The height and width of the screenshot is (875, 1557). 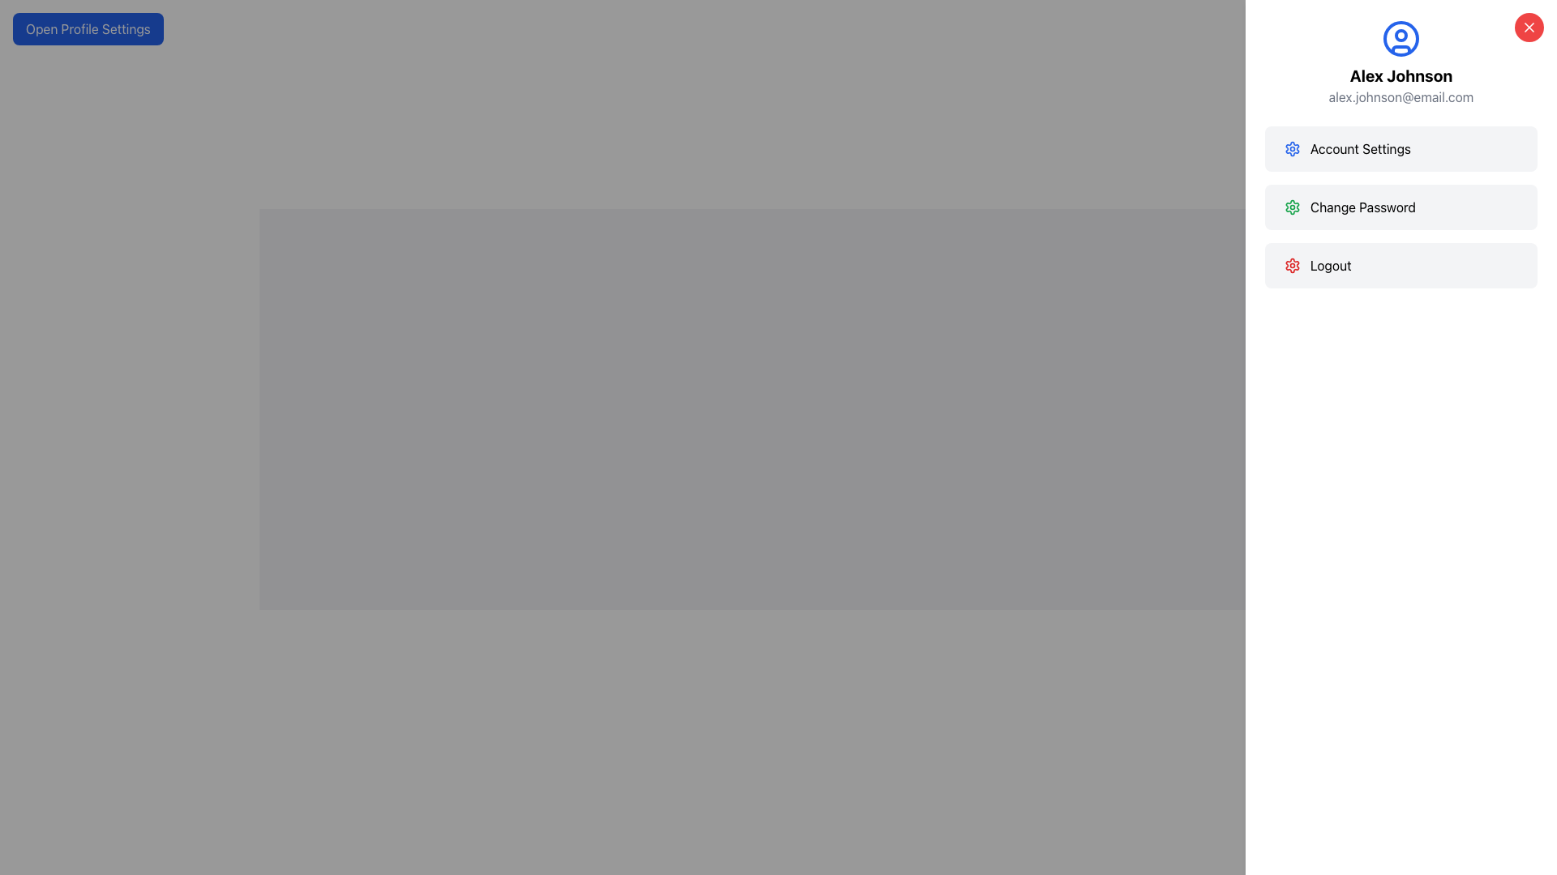 I want to click on the 'Account Settings' icon located on the left side of the 'Account Settings' button, so click(x=1291, y=149).